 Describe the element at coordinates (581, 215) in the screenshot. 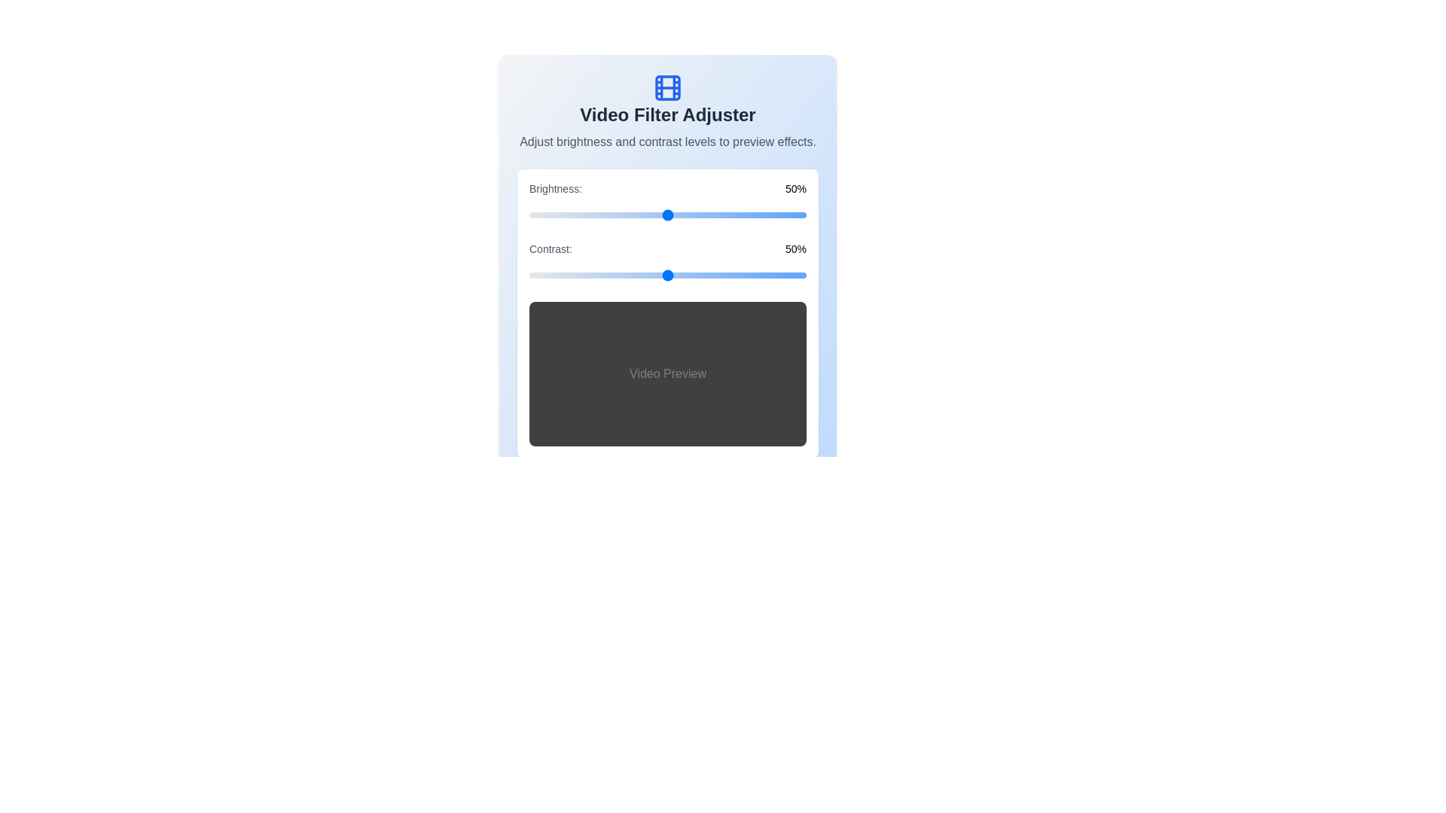

I see `the brightness slider to 19%` at that location.